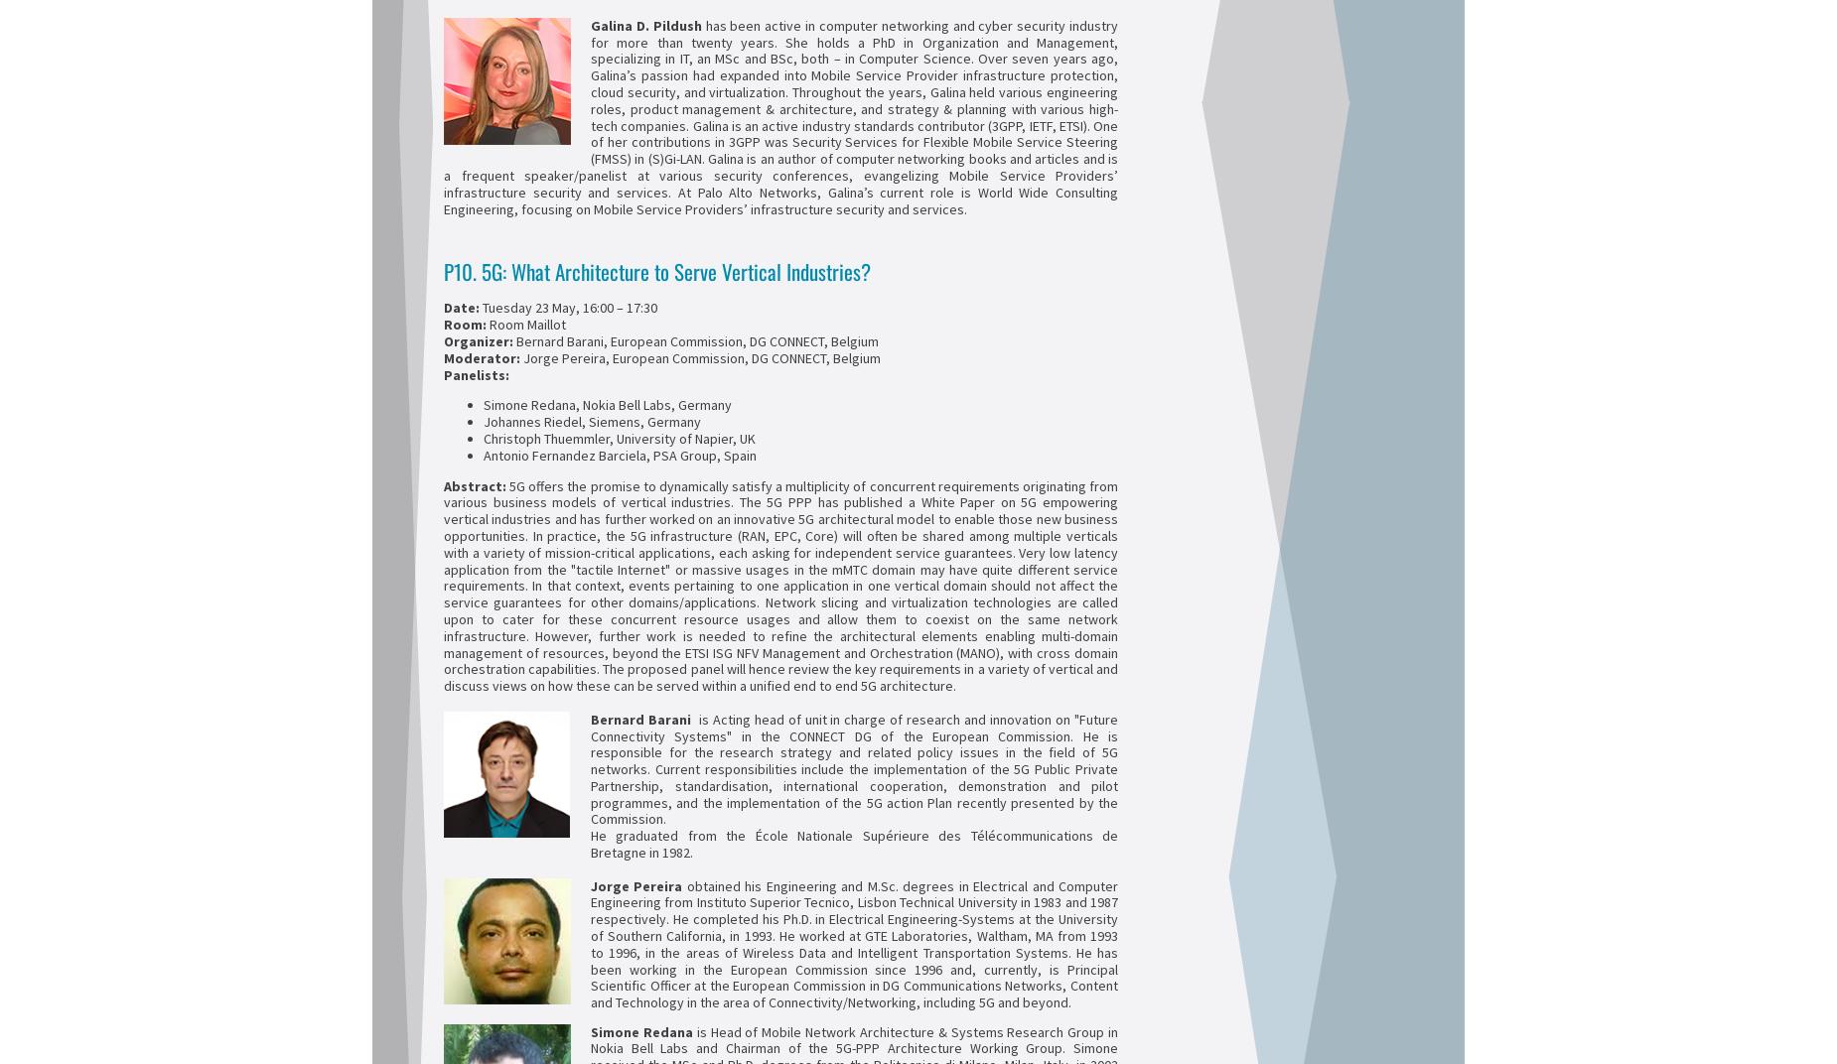 This screenshot has height=1064, width=1837. Describe the element at coordinates (695, 340) in the screenshot. I see `'Bernard Barani, European Commission, DG CONNECT, Belgium'` at that location.